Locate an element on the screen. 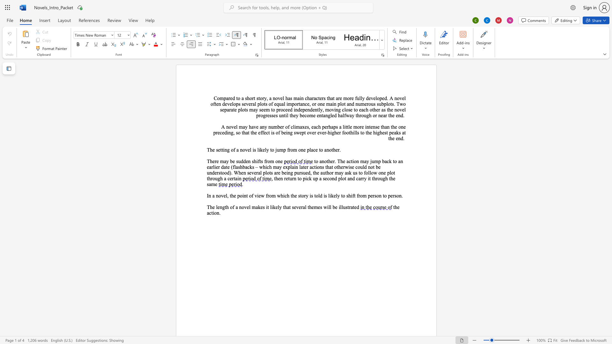 The image size is (612, 344). the 2th character "s" in the text is located at coordinates (255, 150).